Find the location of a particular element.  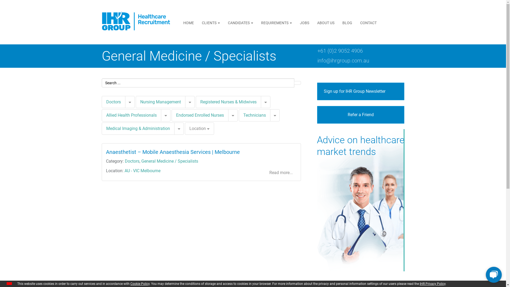

'Location' is located at coordinates (185, 128).